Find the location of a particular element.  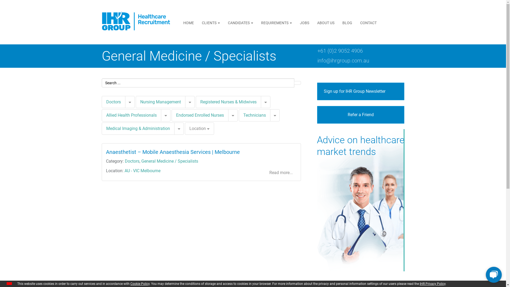

'Location' is located at coordinates (185, 128).